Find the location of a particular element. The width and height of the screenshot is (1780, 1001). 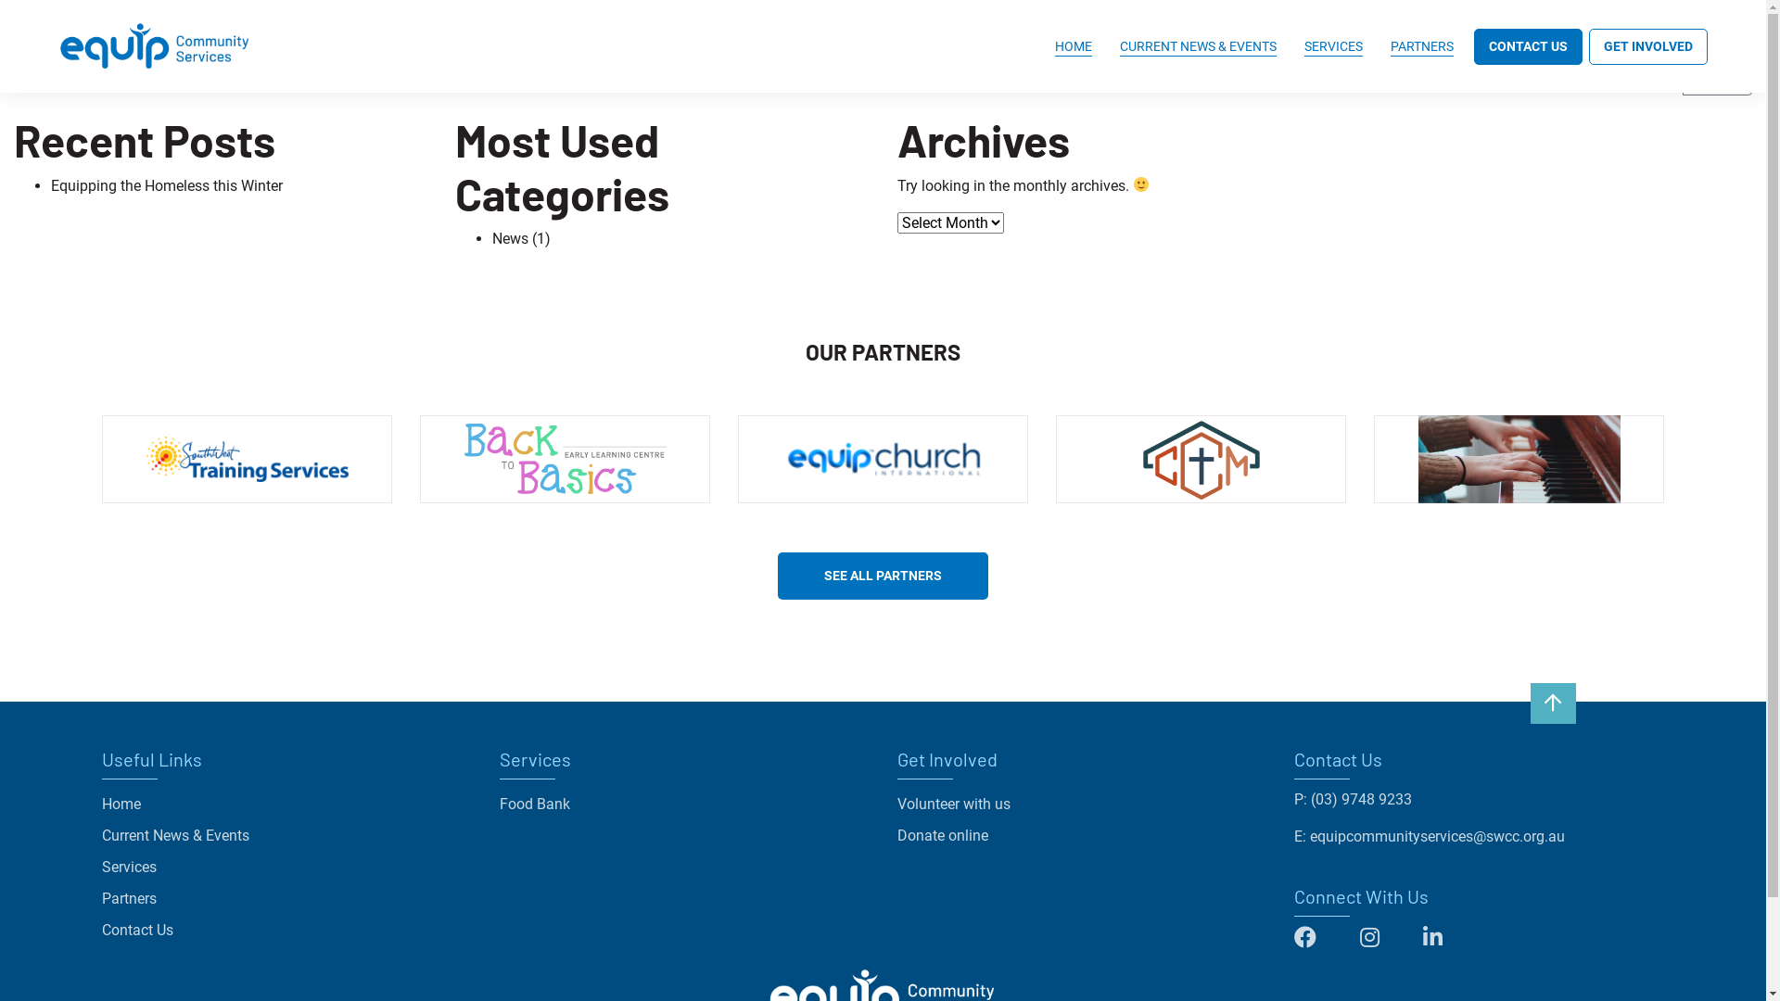

'Food Bank' is located at coordinates (533, 803).